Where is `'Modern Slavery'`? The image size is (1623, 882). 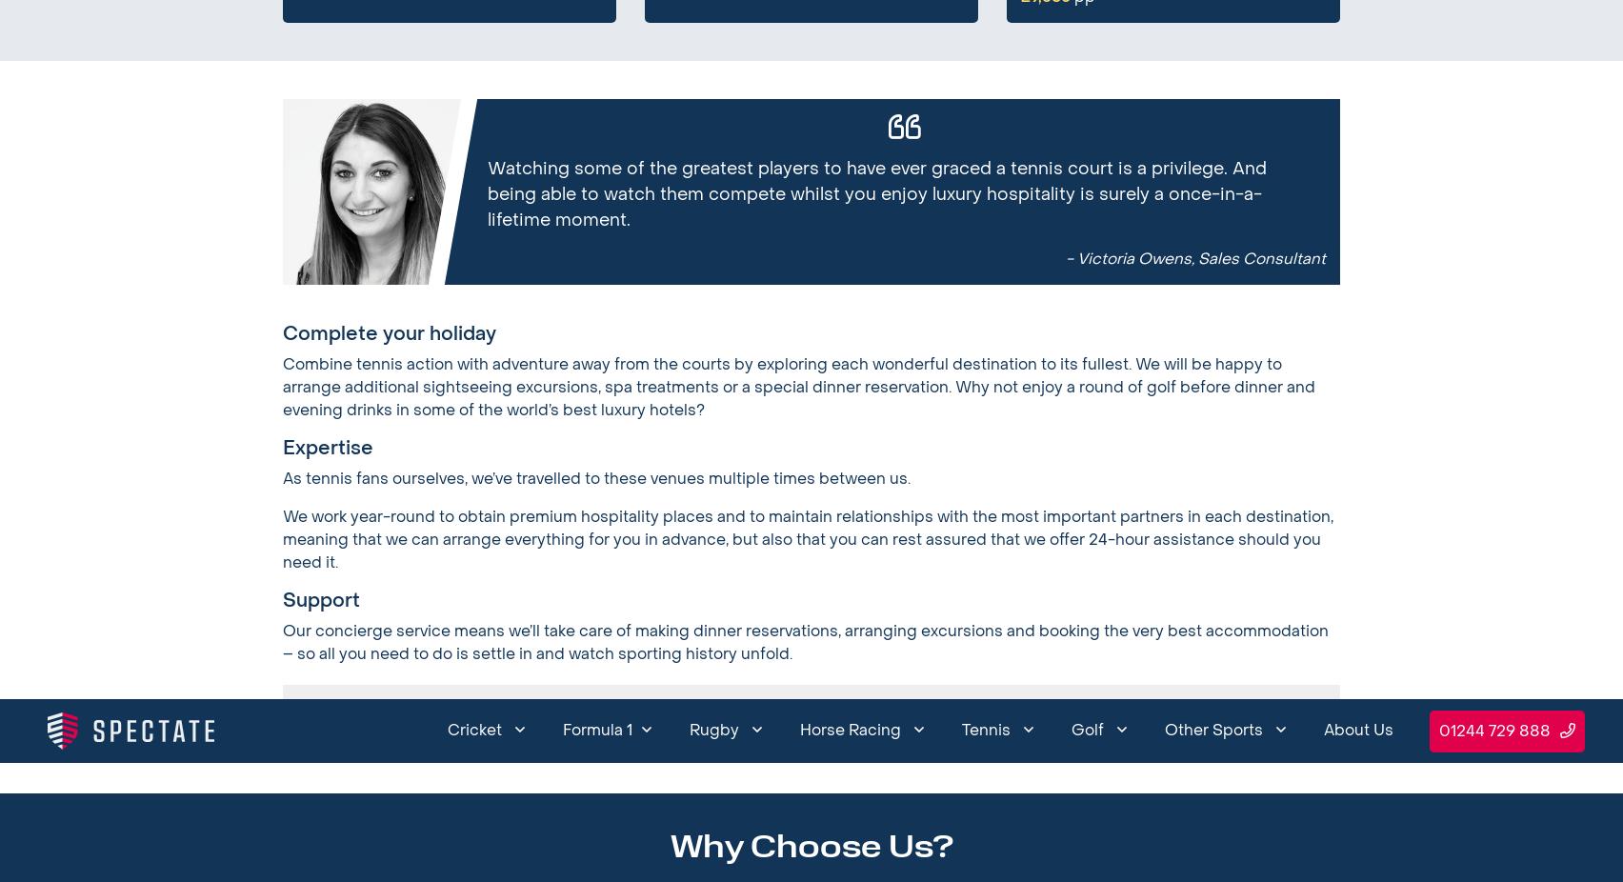
'Modern Slavery' is located at coordinates (846, 67).